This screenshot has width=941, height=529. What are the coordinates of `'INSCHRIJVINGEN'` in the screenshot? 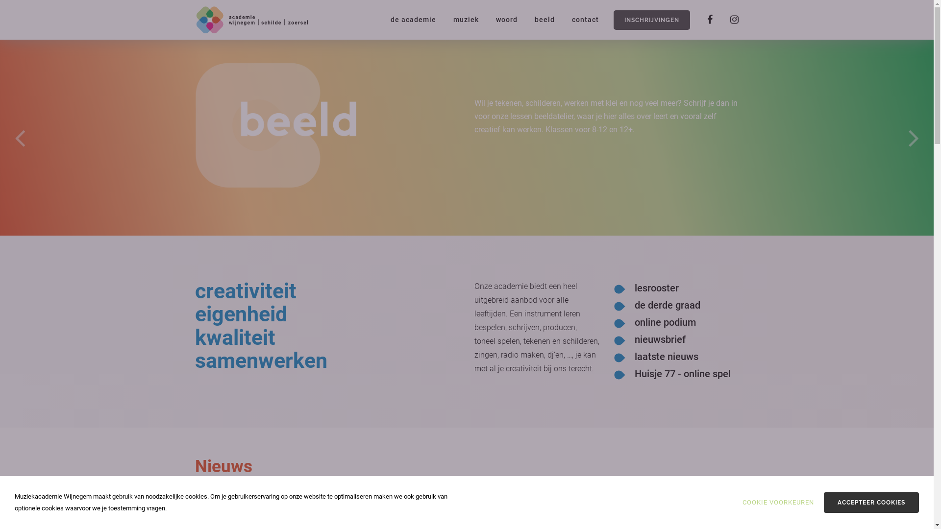 It's located at (613, 20).